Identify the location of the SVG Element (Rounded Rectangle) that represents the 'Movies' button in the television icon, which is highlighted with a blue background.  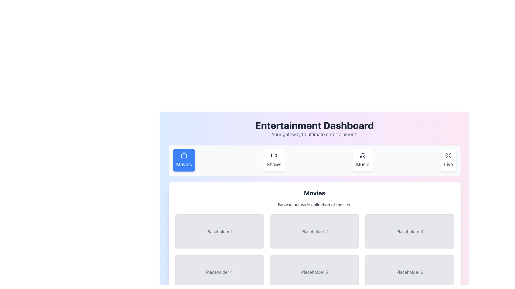
(184, 156).